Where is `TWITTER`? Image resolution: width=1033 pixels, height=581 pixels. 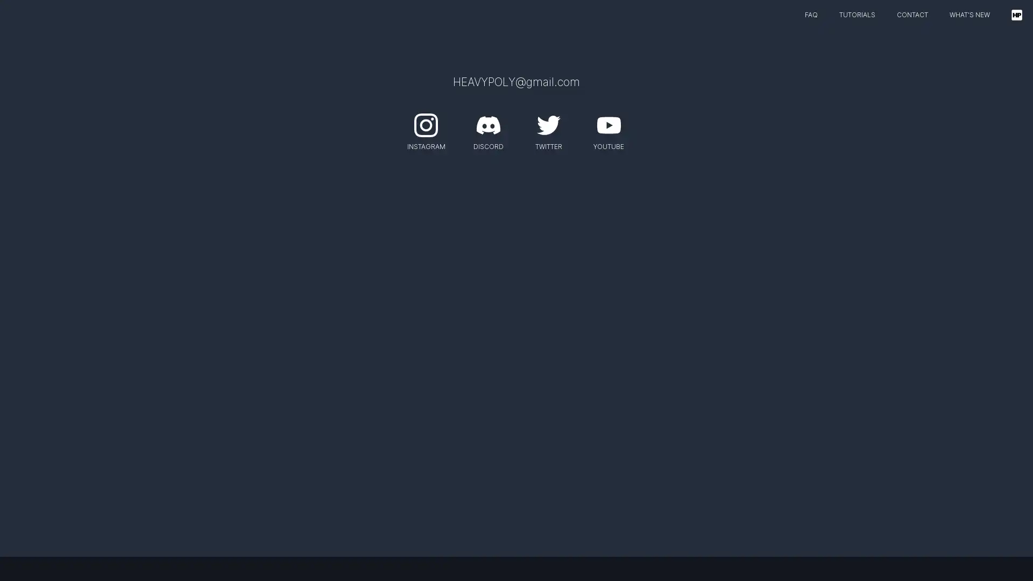
TWITTER is located at coordinates (548, 129).